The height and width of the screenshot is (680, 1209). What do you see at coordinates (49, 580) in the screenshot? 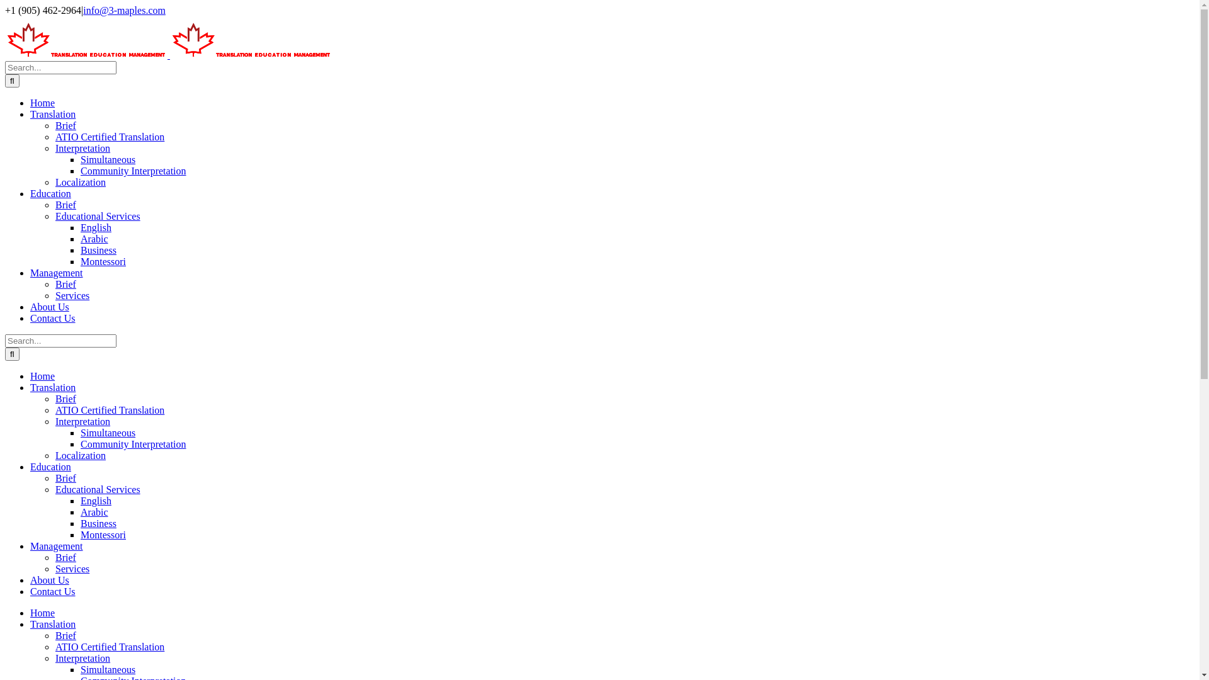
I see `'About Us'` at bounding box center [49, 580].